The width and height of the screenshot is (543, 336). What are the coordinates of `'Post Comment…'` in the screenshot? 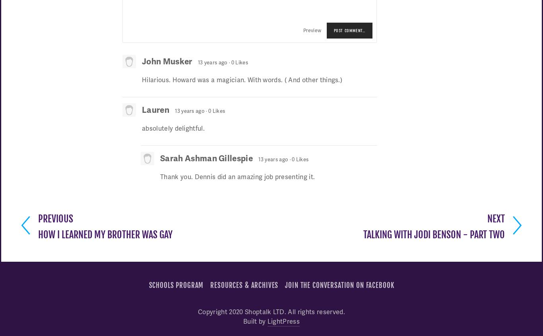 It's located at (349, 30).